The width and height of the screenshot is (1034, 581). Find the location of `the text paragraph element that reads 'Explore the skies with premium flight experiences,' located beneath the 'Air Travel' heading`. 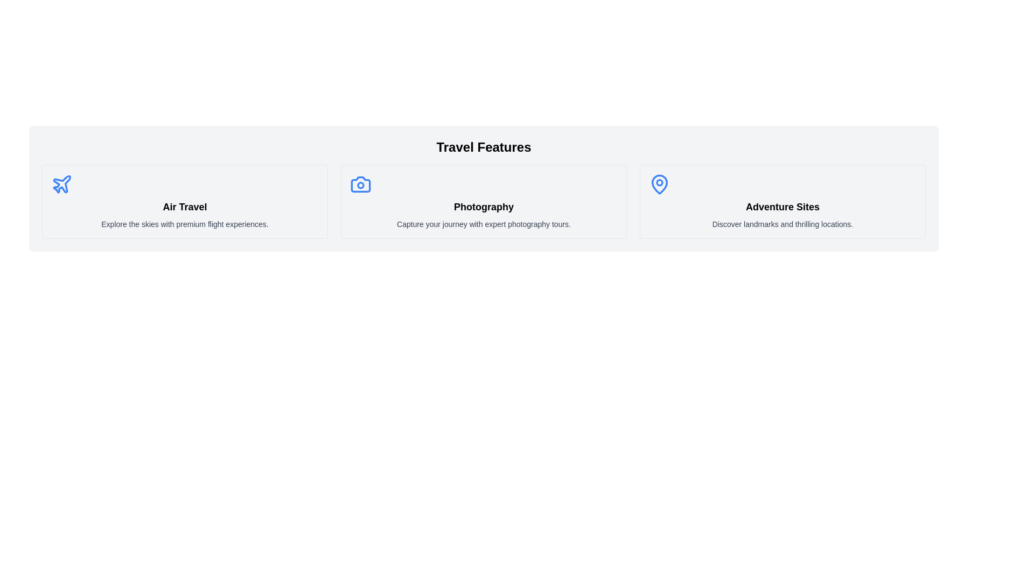

the text paragraph element that reads 'Explore the skies with premium flight experiences,' located beneath the 'Air Travel' heading is located at coordinates (185, 223).